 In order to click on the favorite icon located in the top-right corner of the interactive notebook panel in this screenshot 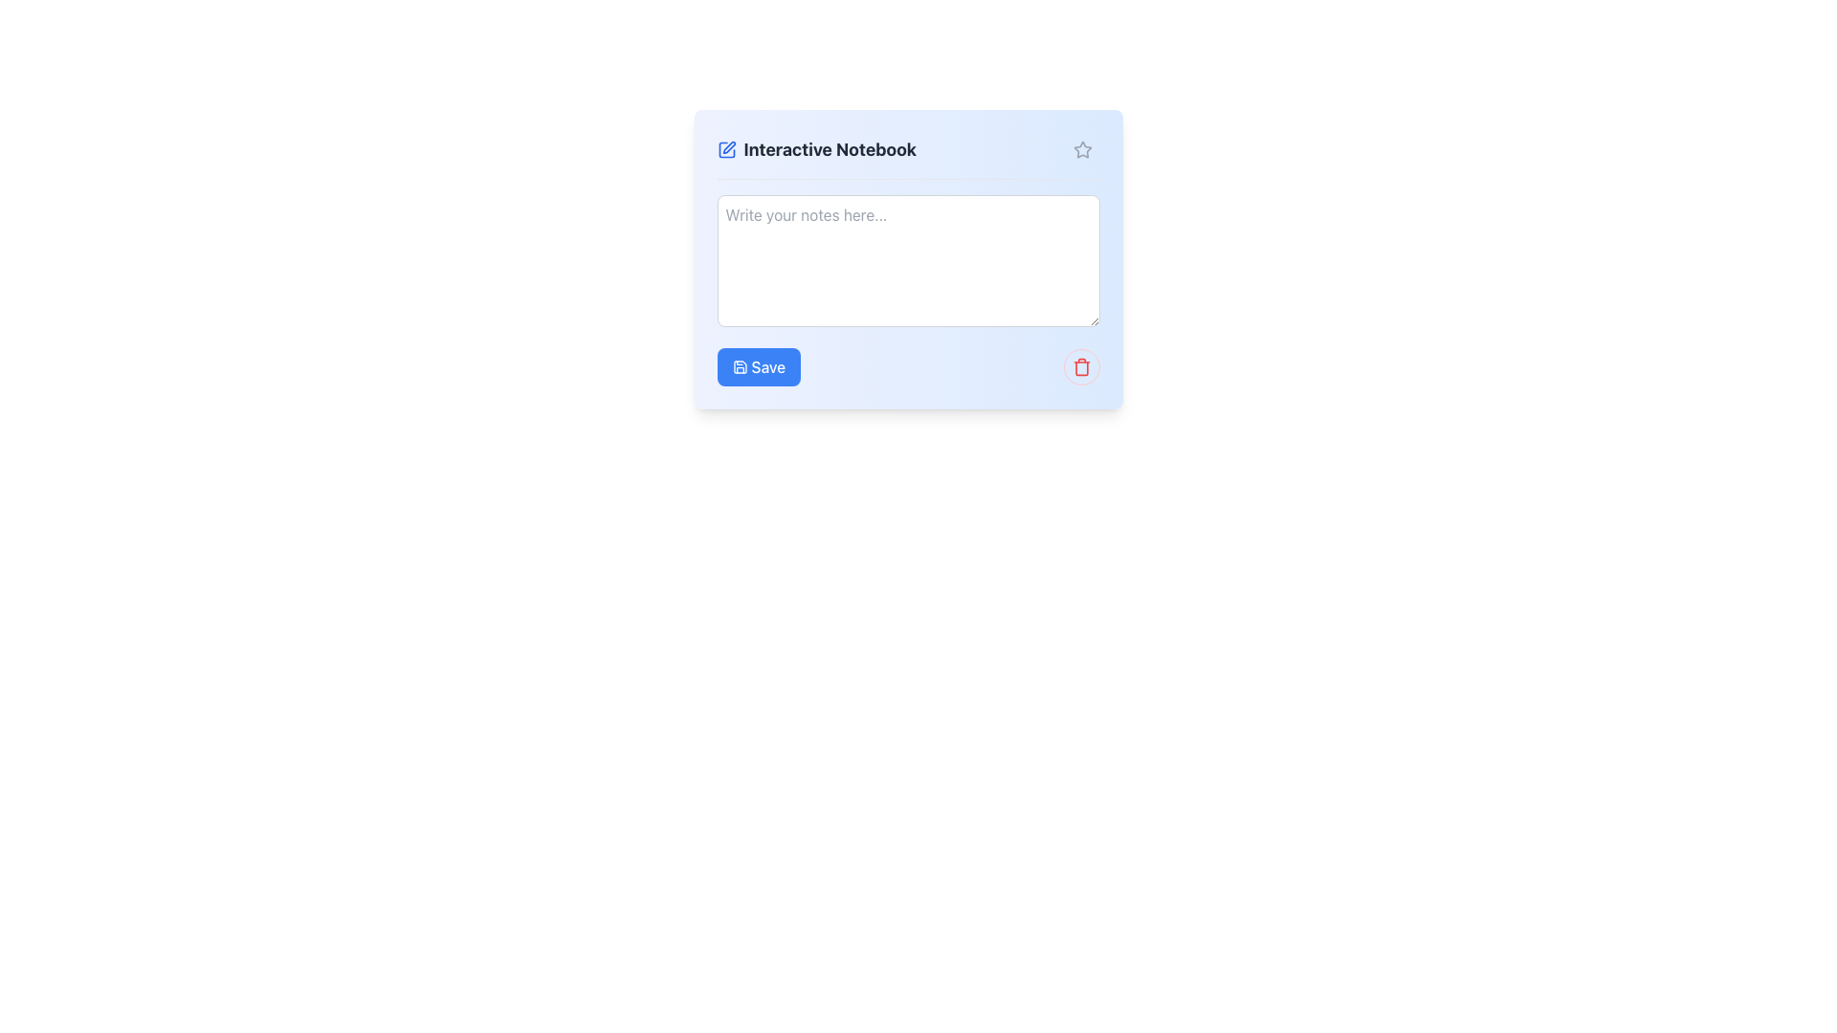, I will do `click(1082, 149)`.